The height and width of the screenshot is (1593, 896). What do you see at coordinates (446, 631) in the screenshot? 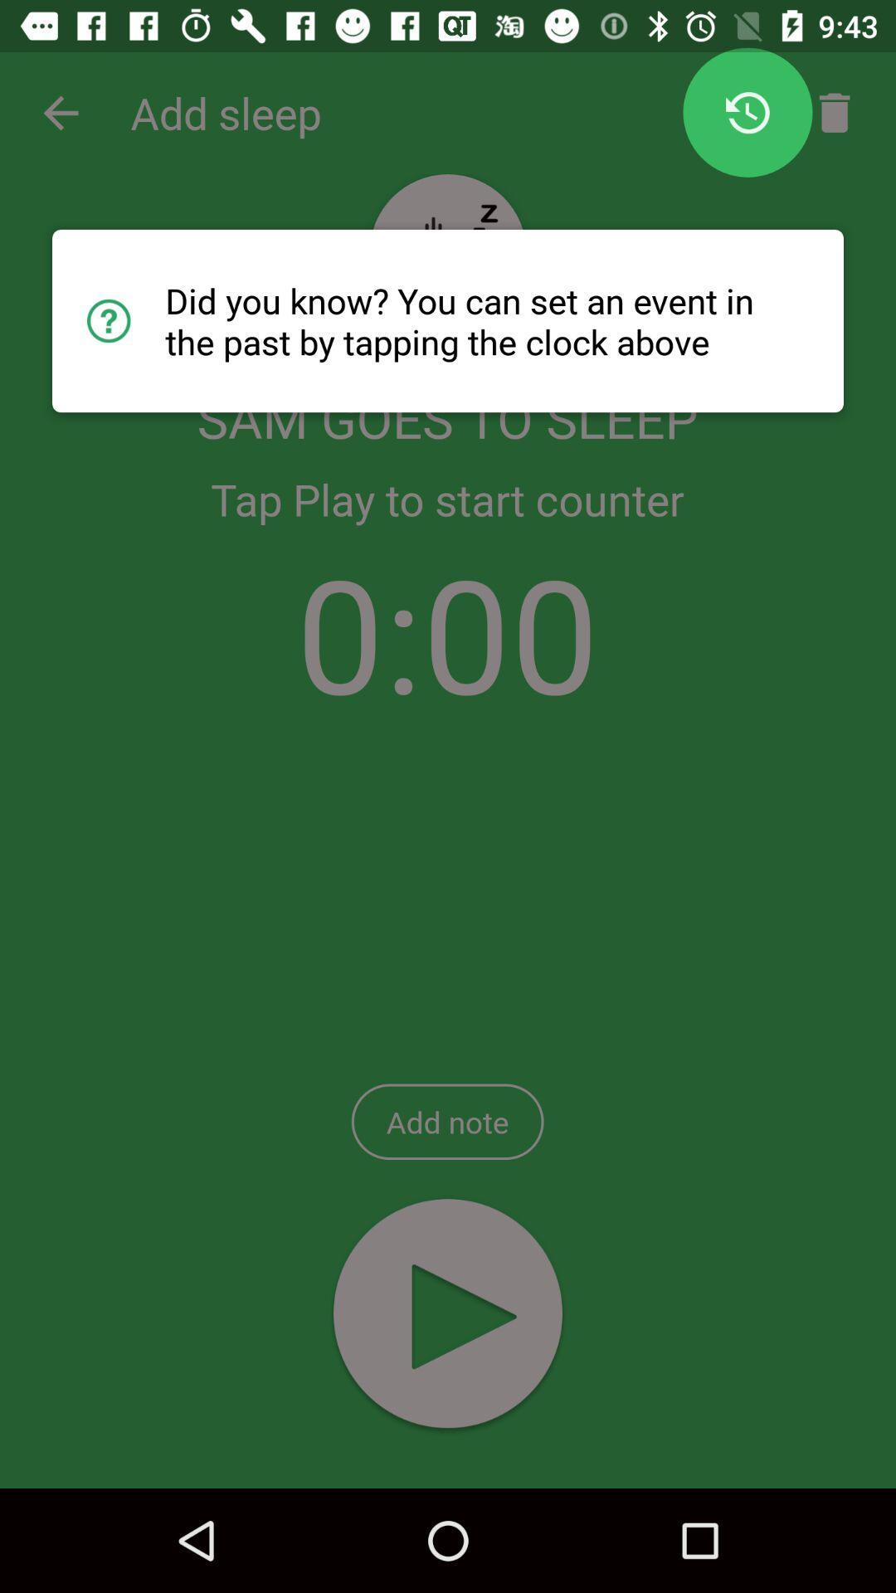
I see `the icon below the tap play to` at bounding box center [446, 631].